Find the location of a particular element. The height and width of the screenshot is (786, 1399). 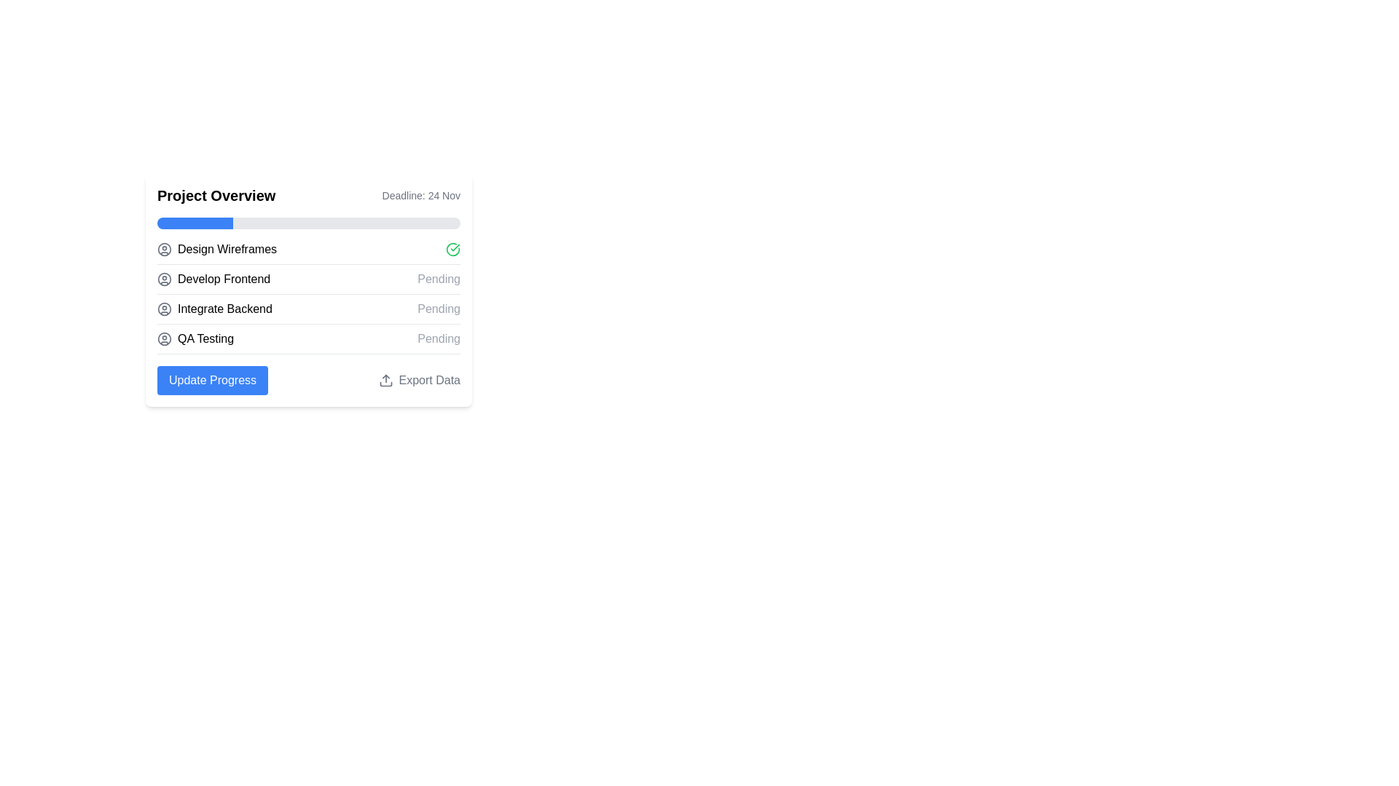

the list item displaying 'QA Testing' with a pending status, which is the last item in the vertical task list under 'Project Overview' is located at coordinates (307, 342).